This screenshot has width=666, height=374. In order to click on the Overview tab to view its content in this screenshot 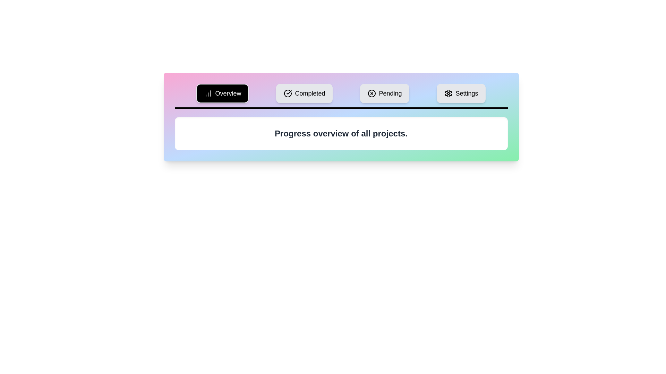, I will do `click(223, 93)`.